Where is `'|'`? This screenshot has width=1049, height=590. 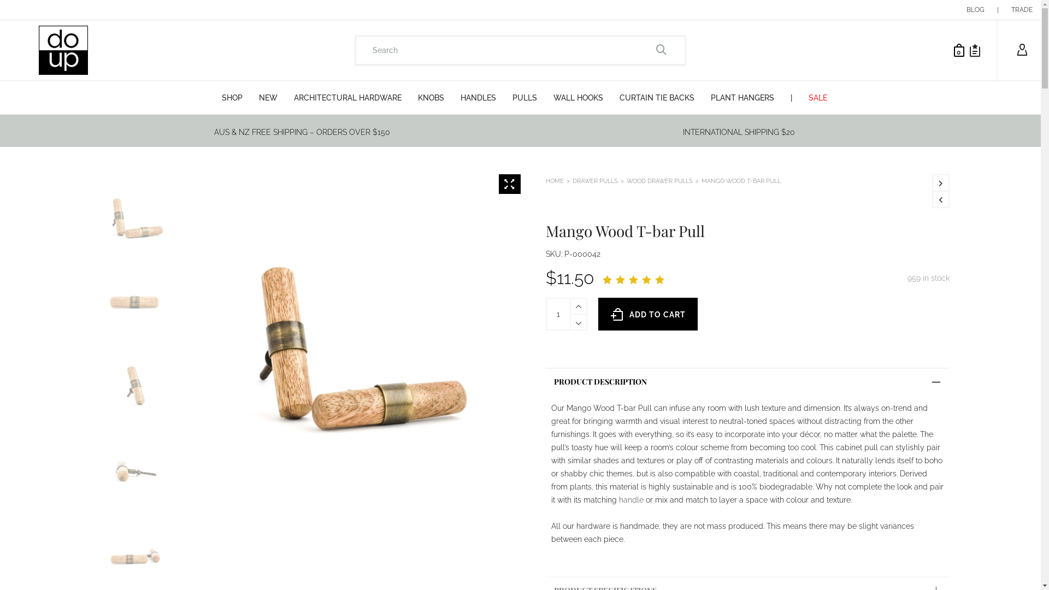
'|' is located at coordinates (998, 10).